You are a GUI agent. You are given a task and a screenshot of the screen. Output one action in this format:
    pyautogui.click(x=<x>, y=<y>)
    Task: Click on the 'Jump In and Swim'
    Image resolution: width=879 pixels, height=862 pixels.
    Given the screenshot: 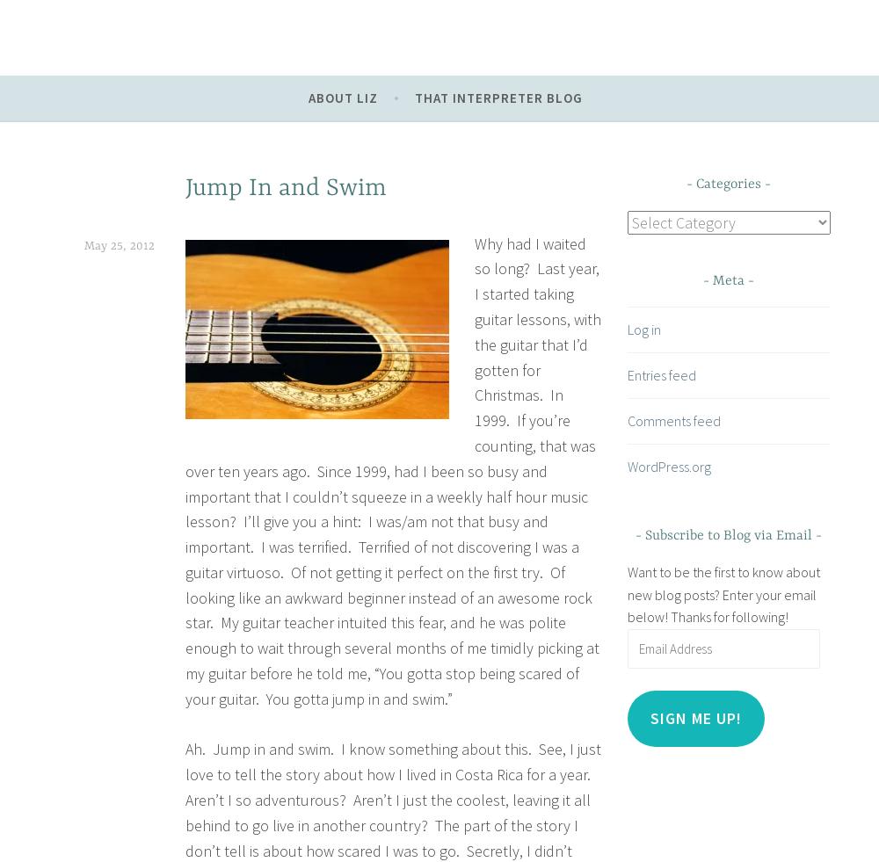 What is the action you would take?
    pyautogui.click(x=285, y=188)
    